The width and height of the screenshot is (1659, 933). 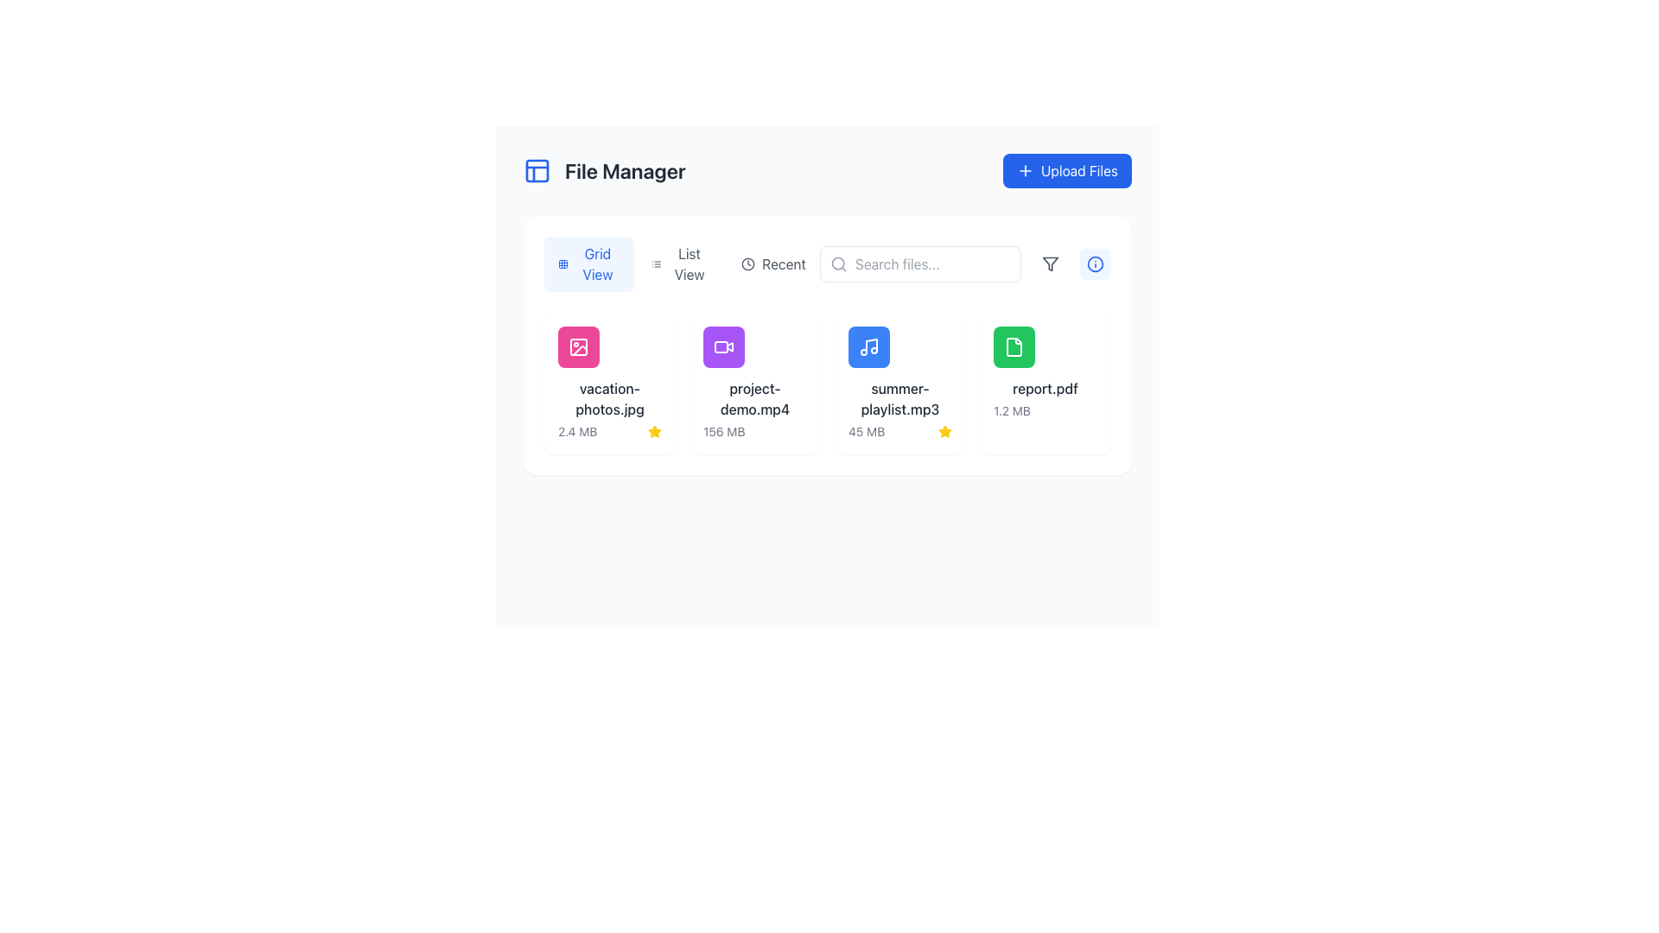 I want to click on the 'List View' button, which is the second option in the group of three, so click(x=680, y=263).